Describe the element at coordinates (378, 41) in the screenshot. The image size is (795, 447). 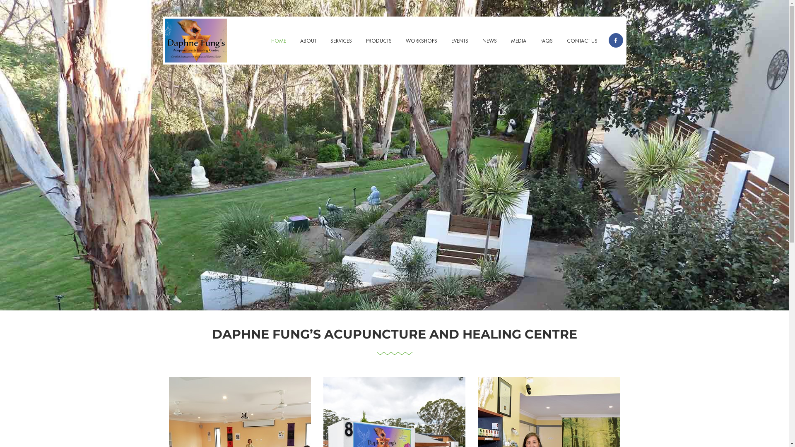
I see `'PRODUCTS'` at that location.